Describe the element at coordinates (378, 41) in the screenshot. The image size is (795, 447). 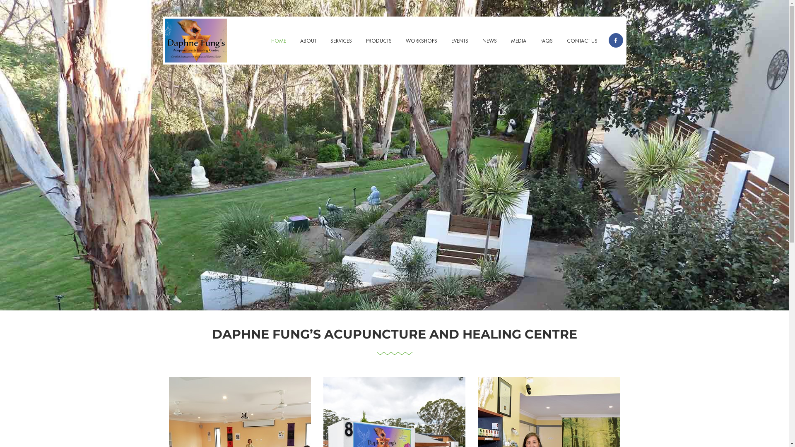
I see `'PRODUCTS'` at that location.